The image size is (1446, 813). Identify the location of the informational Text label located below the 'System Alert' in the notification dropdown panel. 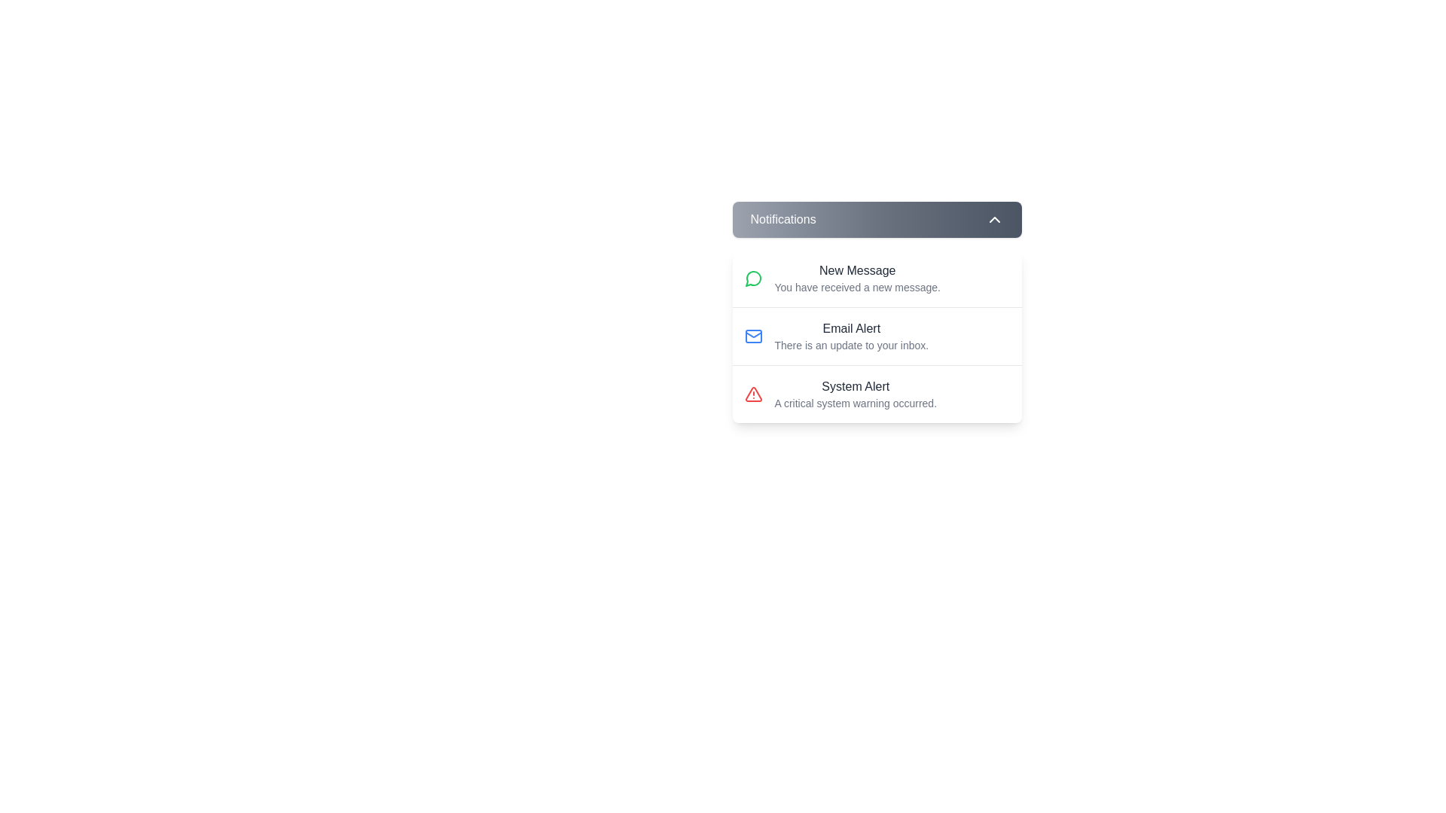
(856, 403).